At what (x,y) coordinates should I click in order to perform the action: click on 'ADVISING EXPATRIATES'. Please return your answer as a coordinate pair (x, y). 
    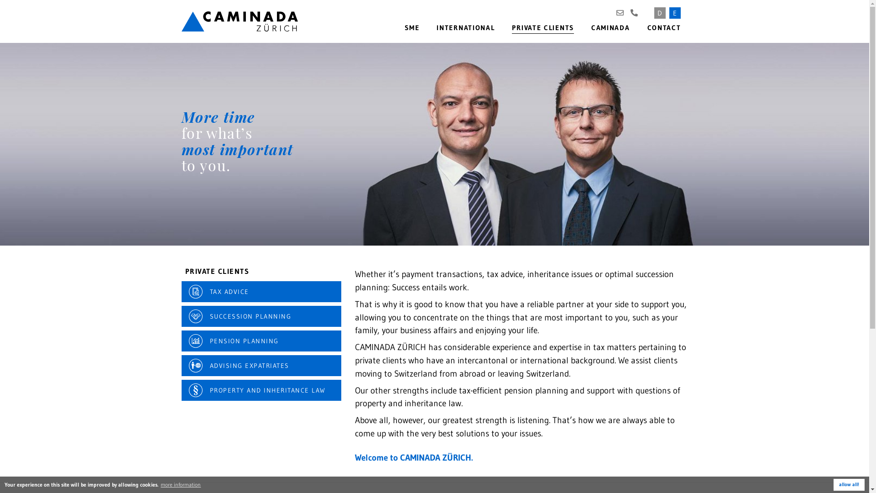
    Looking at the image, I should click on (261, 365).